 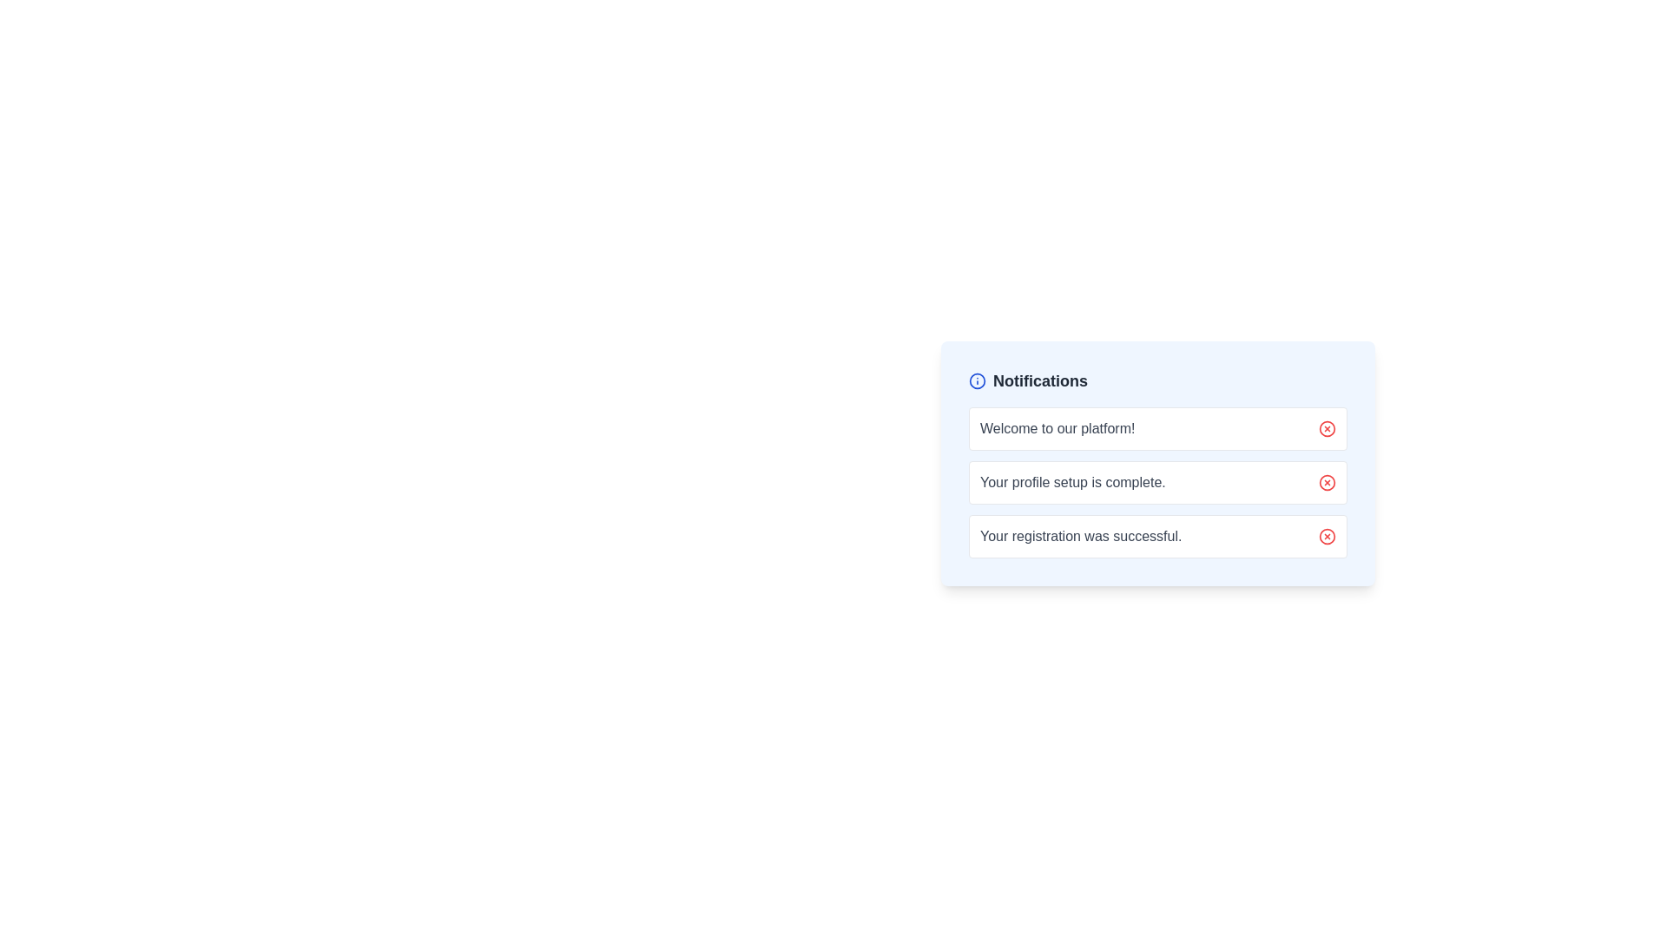 What do you see at coordinates (1158, 462) in the screenshot?
I see `the second notification message that displays 'Your profile setup is complete.'` at bounding box center [1158, 462].